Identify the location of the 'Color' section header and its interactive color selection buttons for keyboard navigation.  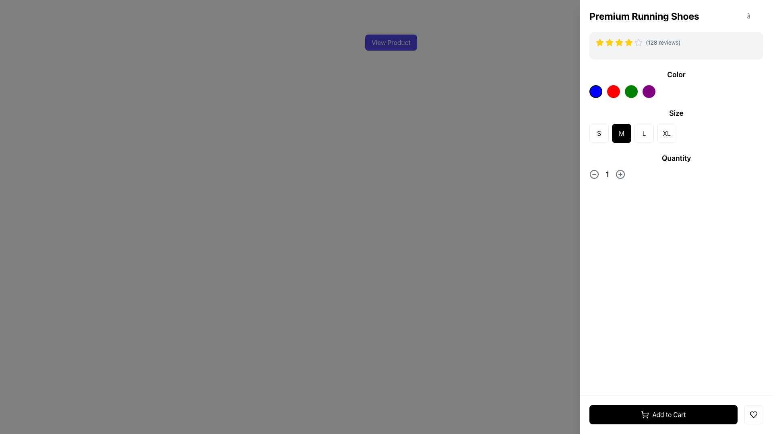
(676, 84).